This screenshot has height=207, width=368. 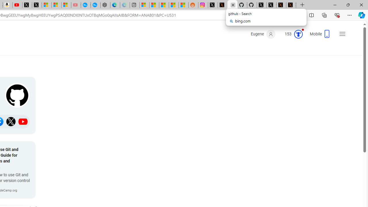 What do you see at coordinates (261, 5) in the screenshot?
I see `'Profile / X'` at bounding box center [261, 5].